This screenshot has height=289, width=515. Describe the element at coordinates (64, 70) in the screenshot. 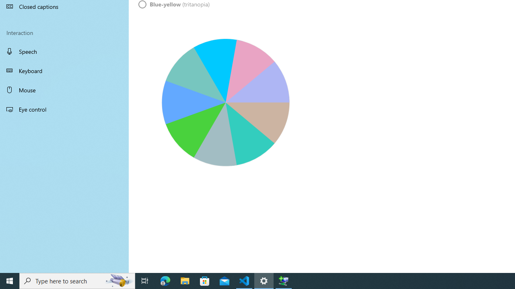

I see `'Keyboard'` at that location.